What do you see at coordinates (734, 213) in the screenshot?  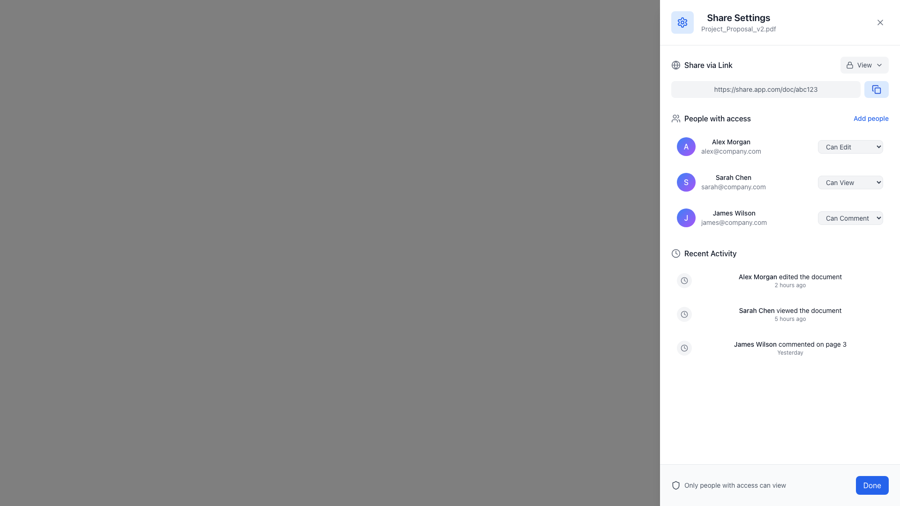 I see `the Text Label that identifies a user by their name, located above the email address 'james@company.com' in the 'People with access' section` at bounding box center [734, 213].